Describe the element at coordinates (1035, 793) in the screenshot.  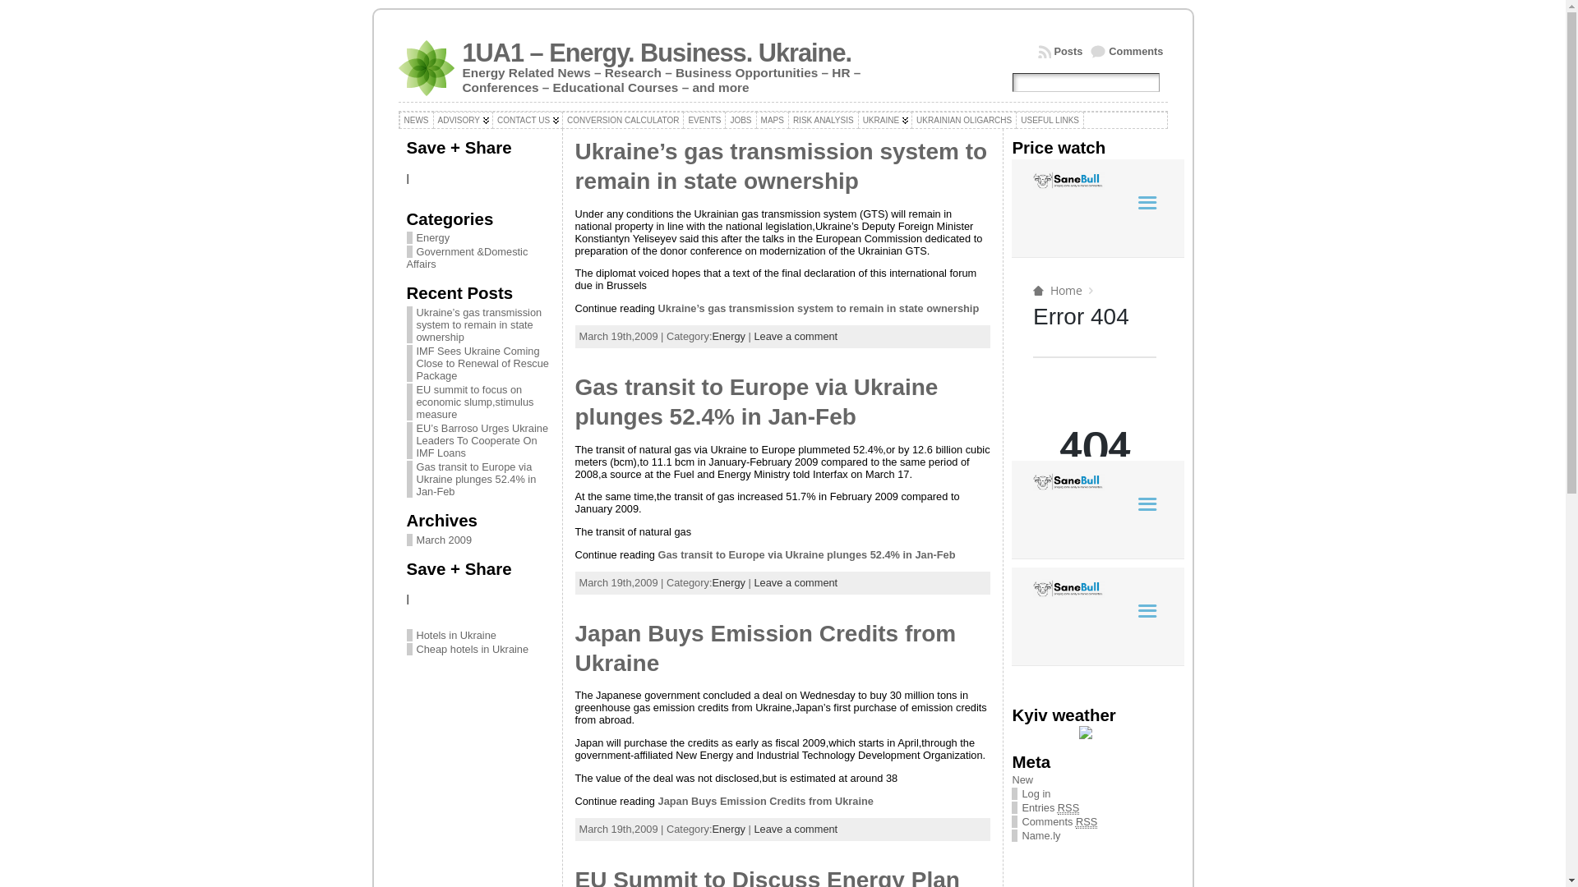
I see `'Log in'` at that location.